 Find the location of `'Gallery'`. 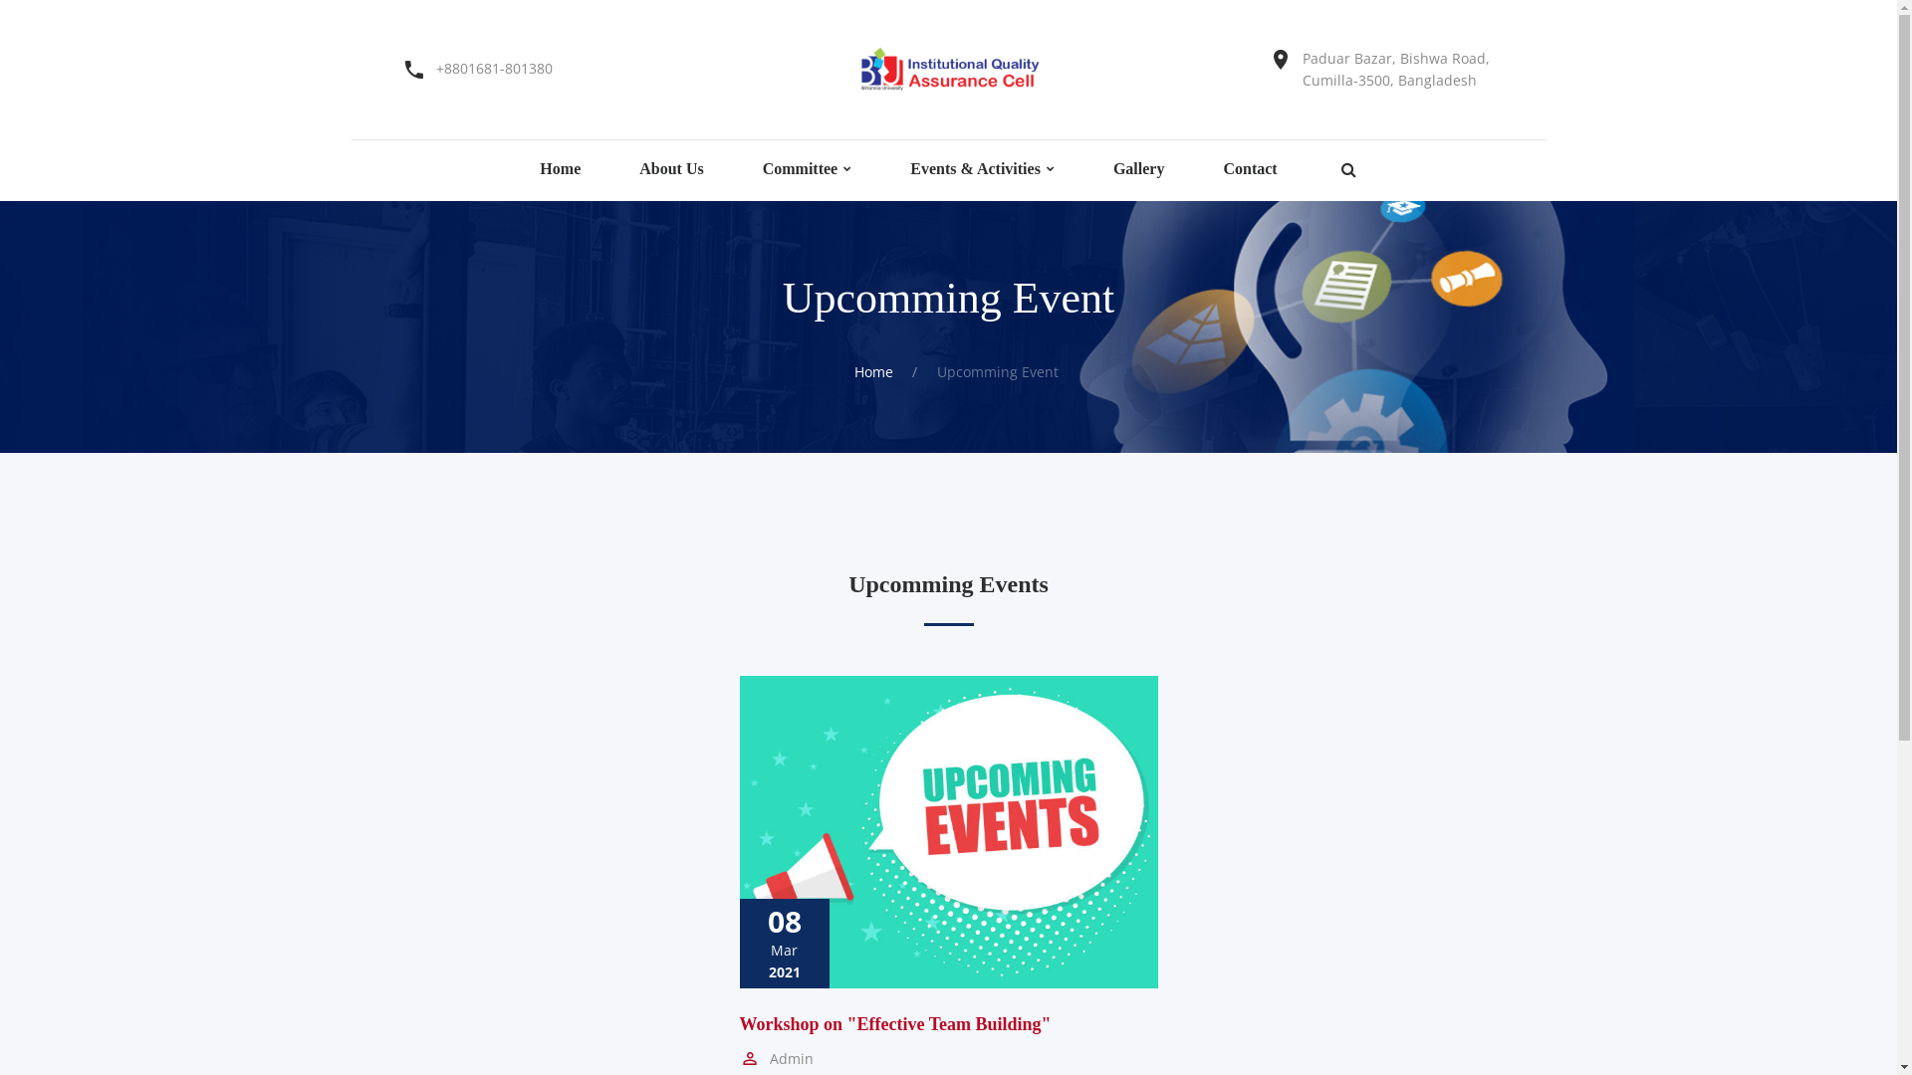

'Gallery' is located at coordinates (1138, 167).